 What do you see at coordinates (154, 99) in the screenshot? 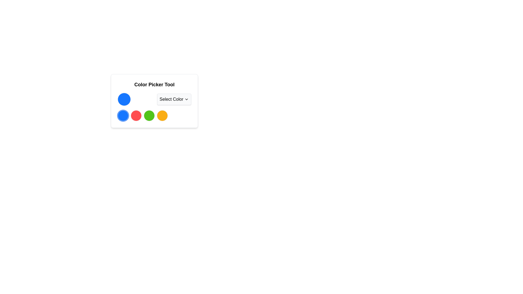
I see `the 'Select Color' dropdown menu` at bounding box center [154, 99].